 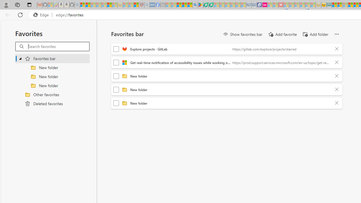 What do you see at coordinates (141, 5) in the screenshot?
I see `'Robert H. Shmerling, MD - Harvard Health - Sleeping'` at bounding box center [141, 5].